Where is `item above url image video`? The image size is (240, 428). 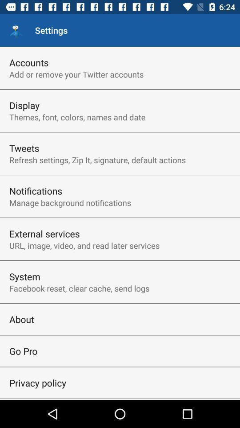 item above url image video is located at coordinates (44, 233).